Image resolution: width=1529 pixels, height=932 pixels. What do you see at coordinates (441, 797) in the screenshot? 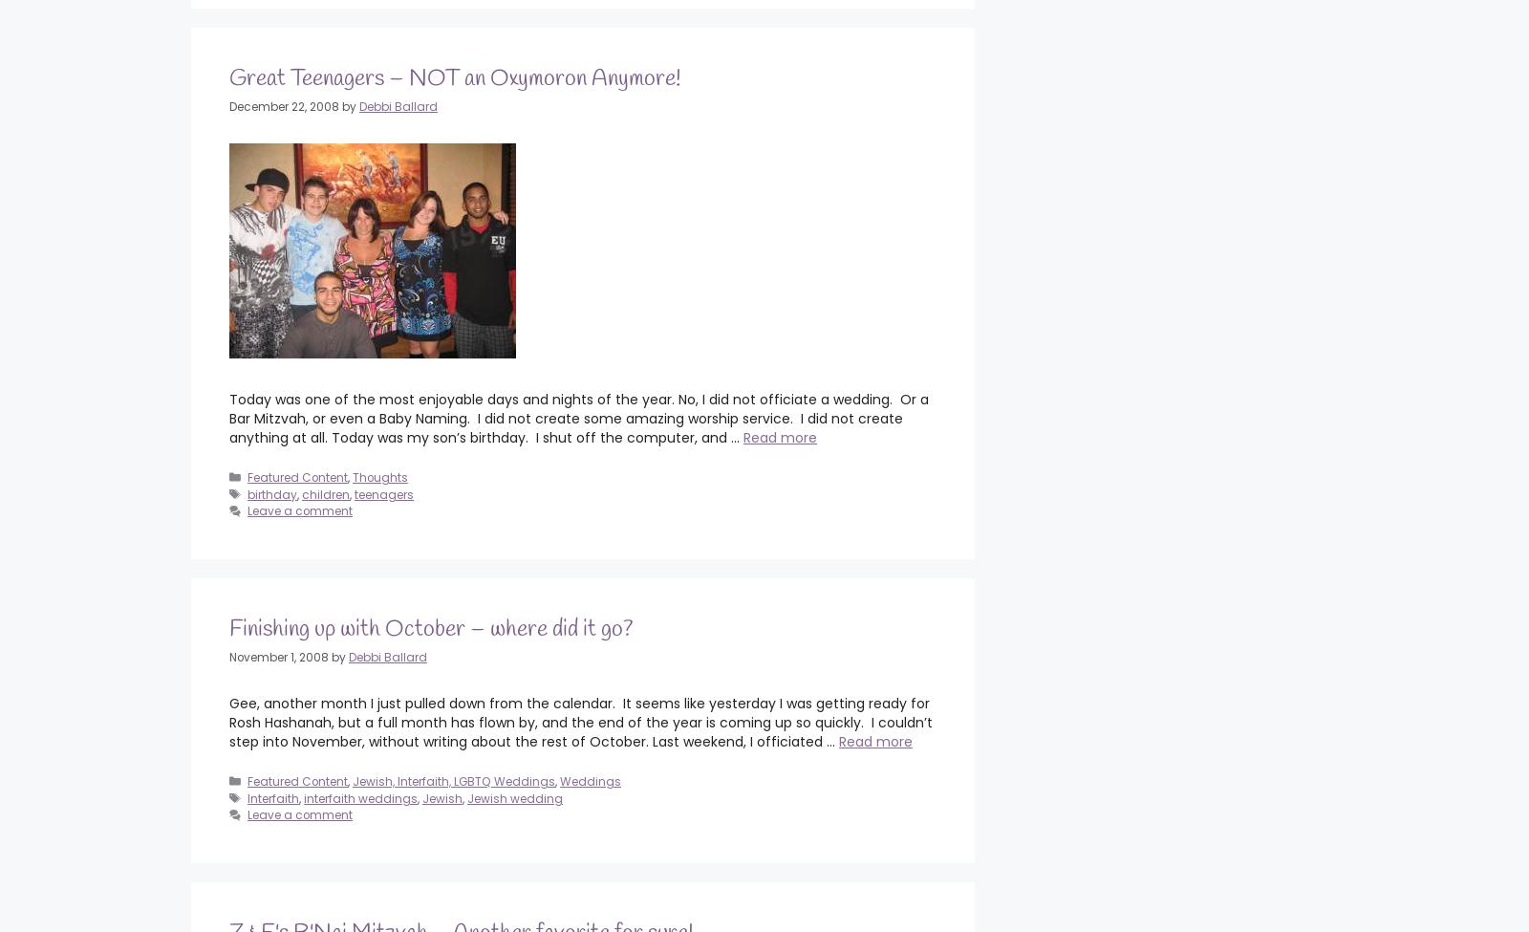
I see `'Jewish'` at bounding box center [441, 797].